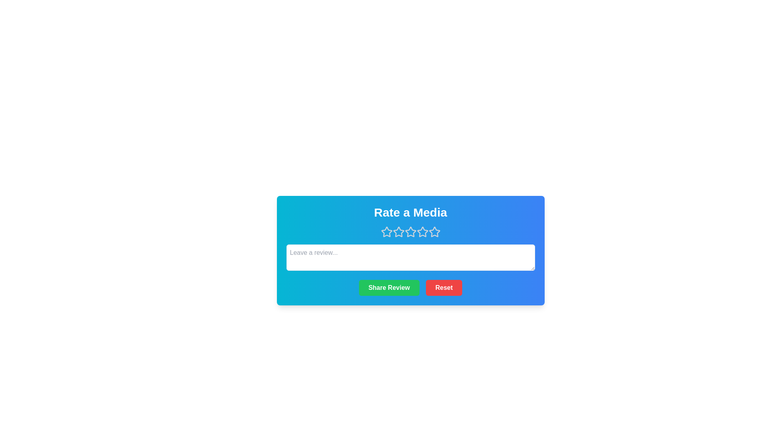 The height and width of the screenshot is (430, 765). Describe the element at coordinates (422, 232) in the screenshot. I see `the rating to 4 stars by clicking on the respective star` at that location.